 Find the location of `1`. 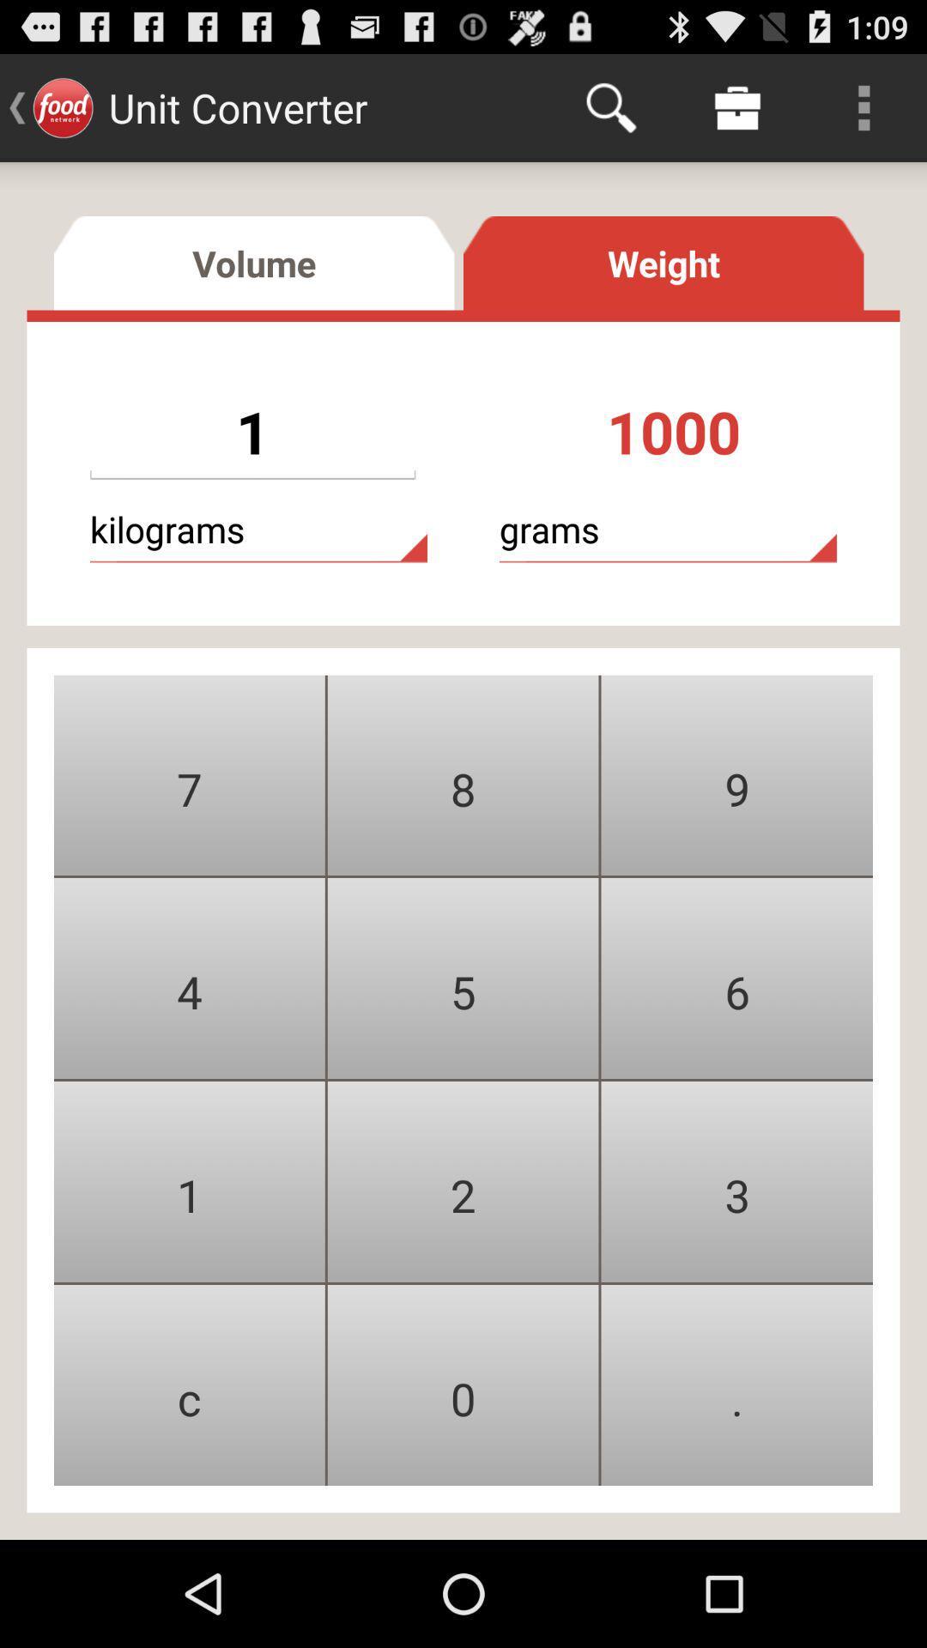

1 is located at coordinates (189, 1181).